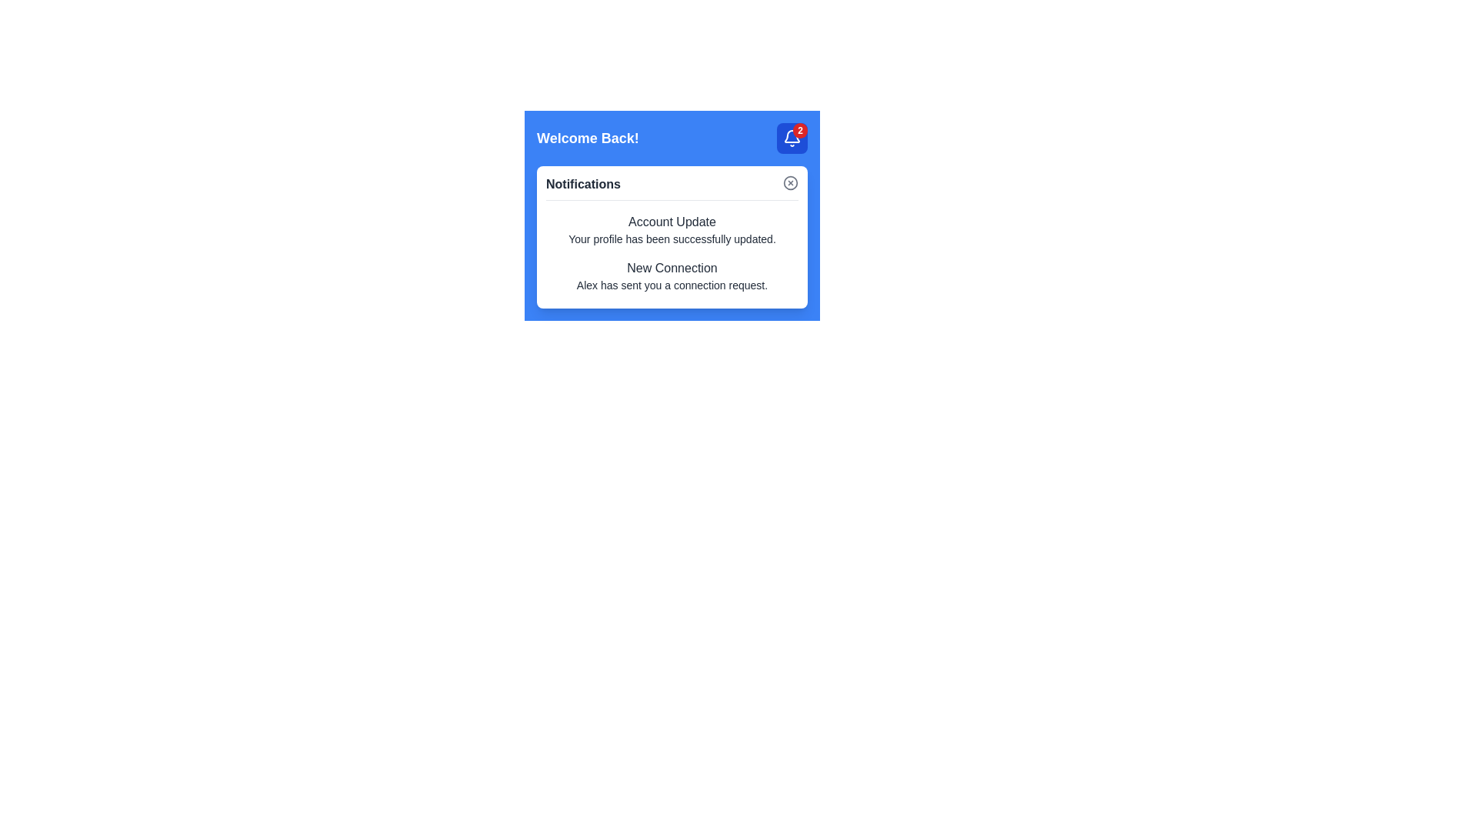  What do you see at coordinates (672, 275) in the screenshot?
I see `notification message titled 'New Connection' which states 'Alex has sent you a connection request.' This notification is the second in the list under the 'Notifications' section` at bounding box center [672, 275].